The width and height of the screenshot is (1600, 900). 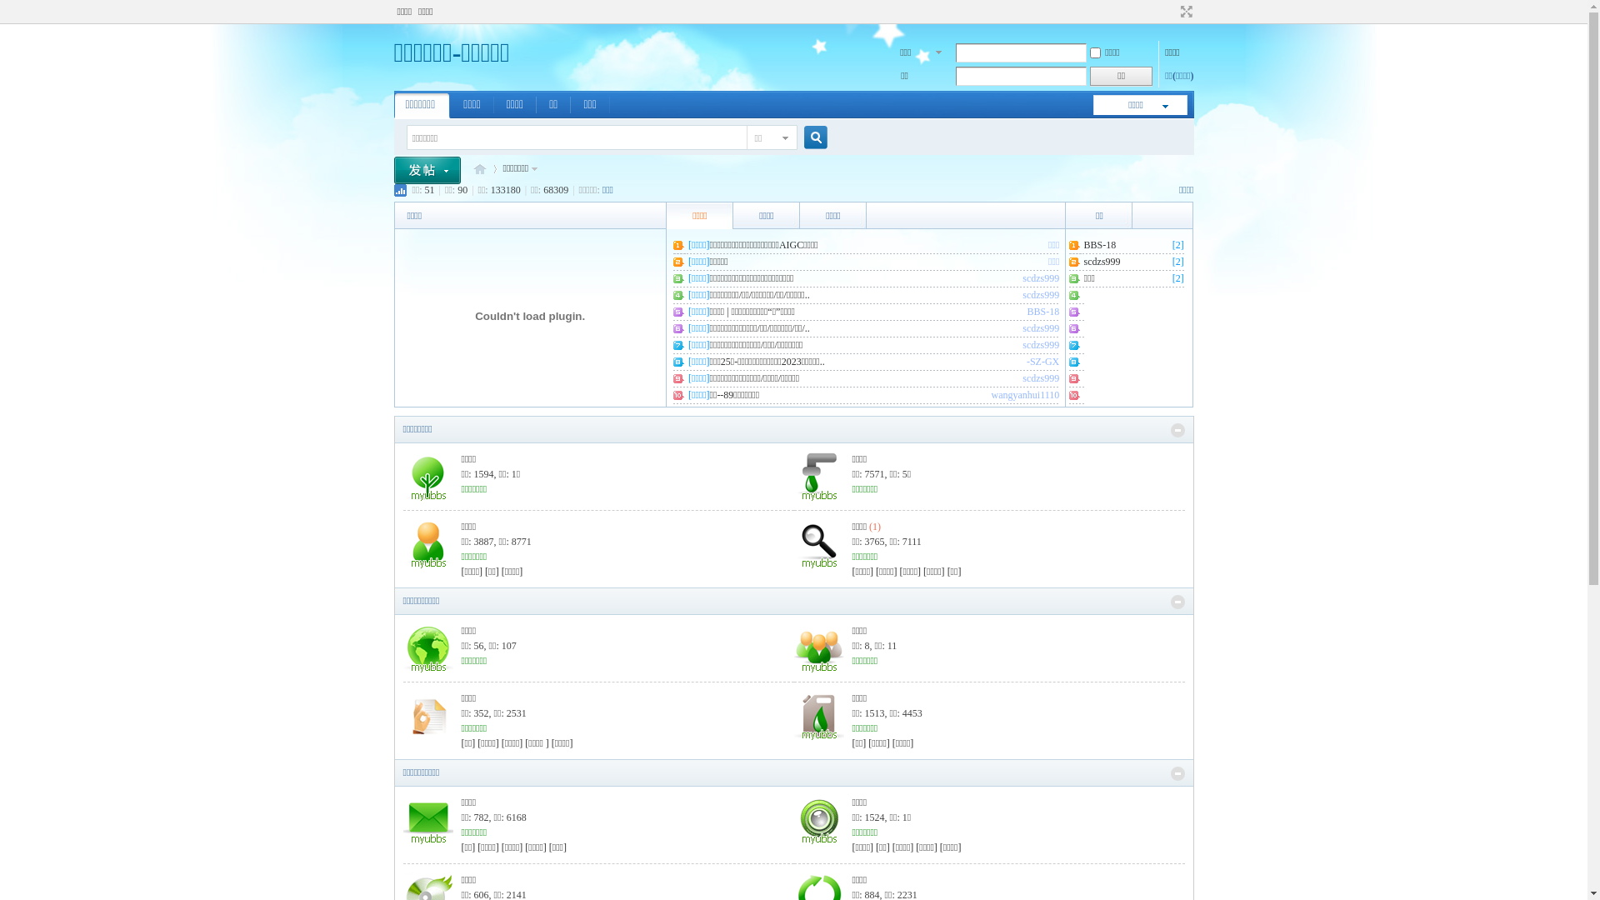 I want to click on 'BBS-18', so click(x=1083, y=244).